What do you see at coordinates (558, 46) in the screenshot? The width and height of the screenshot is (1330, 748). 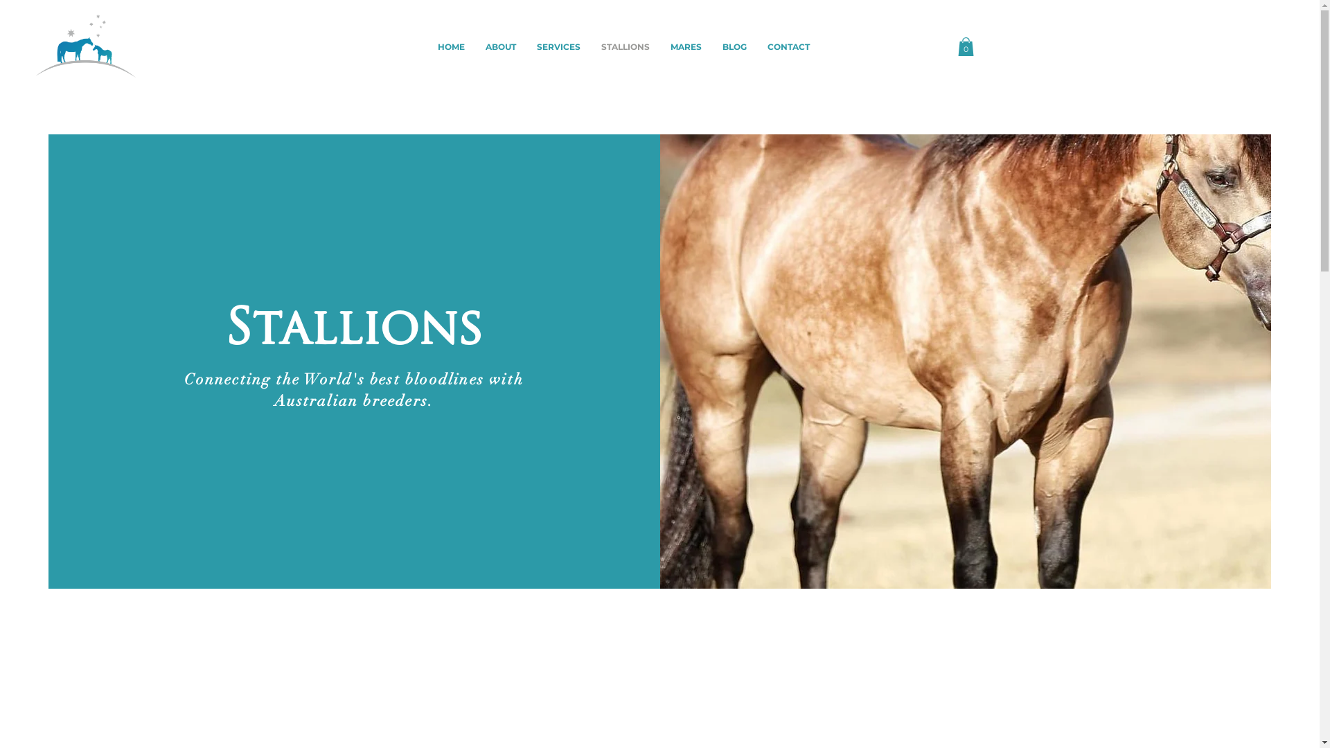 I see `'SERVICES'` at bounding box center [558, 46].